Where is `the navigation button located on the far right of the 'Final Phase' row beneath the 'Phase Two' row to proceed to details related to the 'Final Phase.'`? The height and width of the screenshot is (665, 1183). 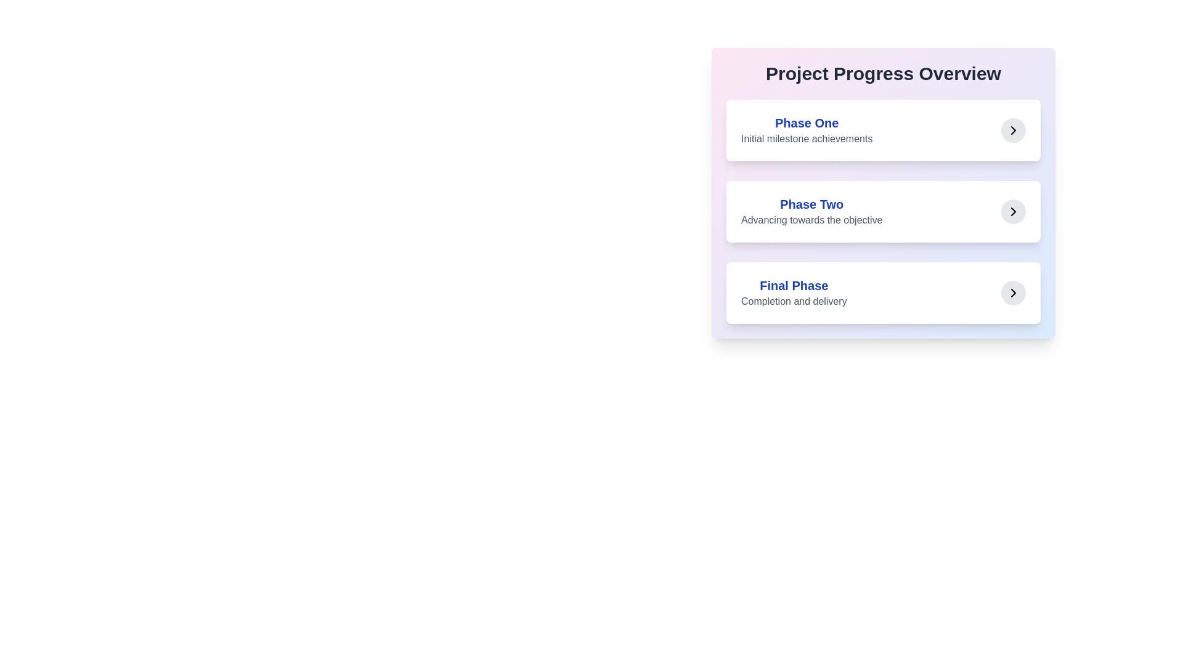 the navigation button located on the far right of the 'Final Phase' row beneath the 'Phase Two' row to proceed to details related to the 'Final Phase.' is located at coordinates (1014, 292).